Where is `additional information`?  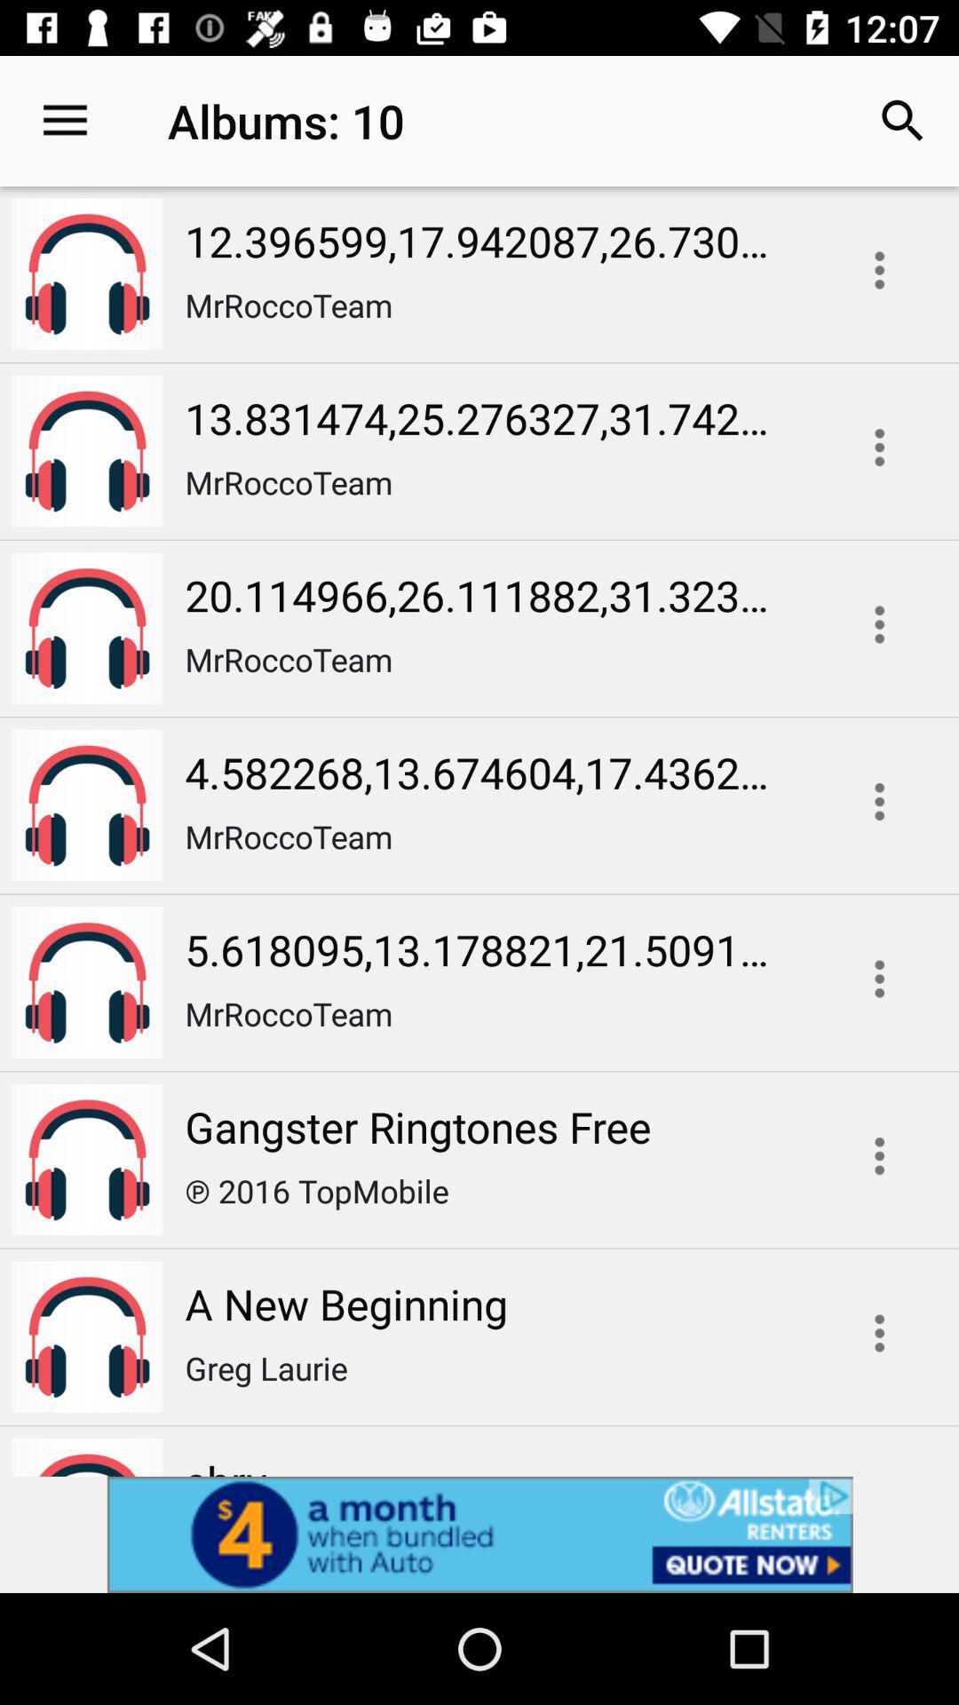
additional information is located at coordinates (879, 800).